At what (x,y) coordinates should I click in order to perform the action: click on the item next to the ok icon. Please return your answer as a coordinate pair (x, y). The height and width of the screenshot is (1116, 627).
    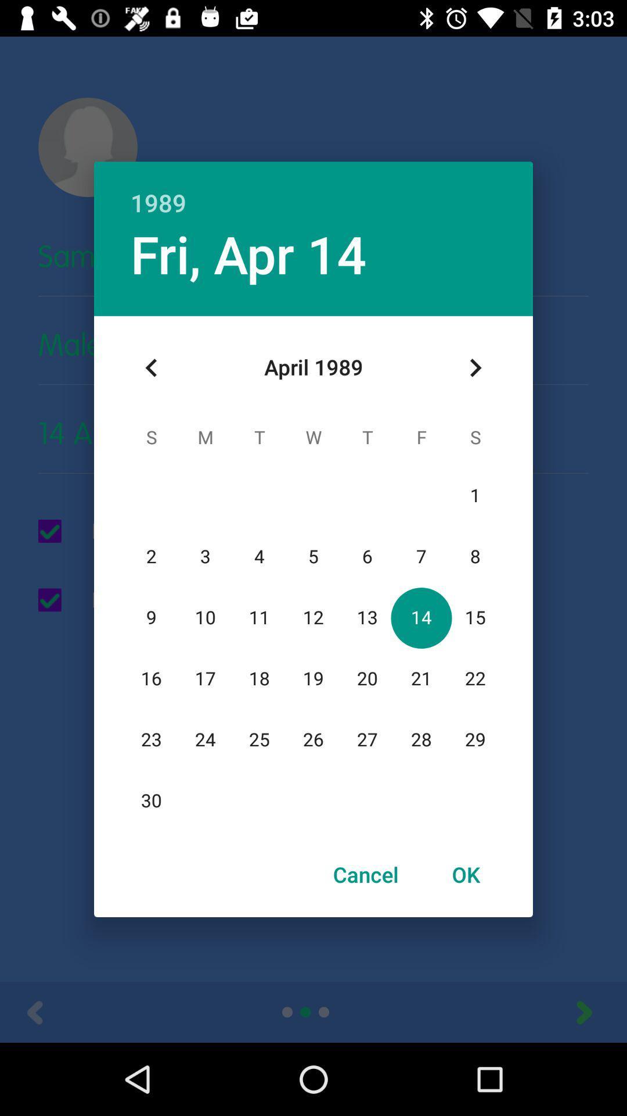
    Looking at the image, I should click on (366, 874).